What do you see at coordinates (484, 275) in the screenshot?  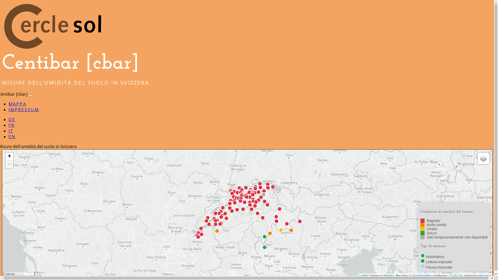 I see `'Meteotest'` at bounding box center [484, 275].